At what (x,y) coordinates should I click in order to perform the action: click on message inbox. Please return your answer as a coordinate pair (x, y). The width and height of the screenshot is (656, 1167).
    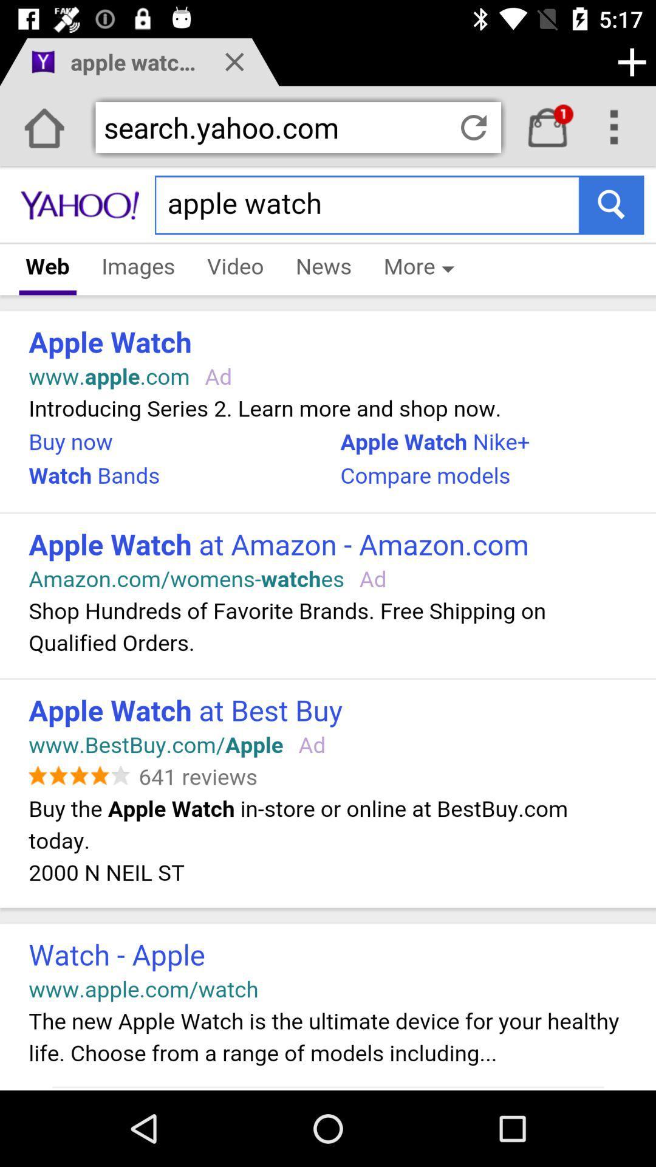
    Looking at the image, I should click on (547, 128).